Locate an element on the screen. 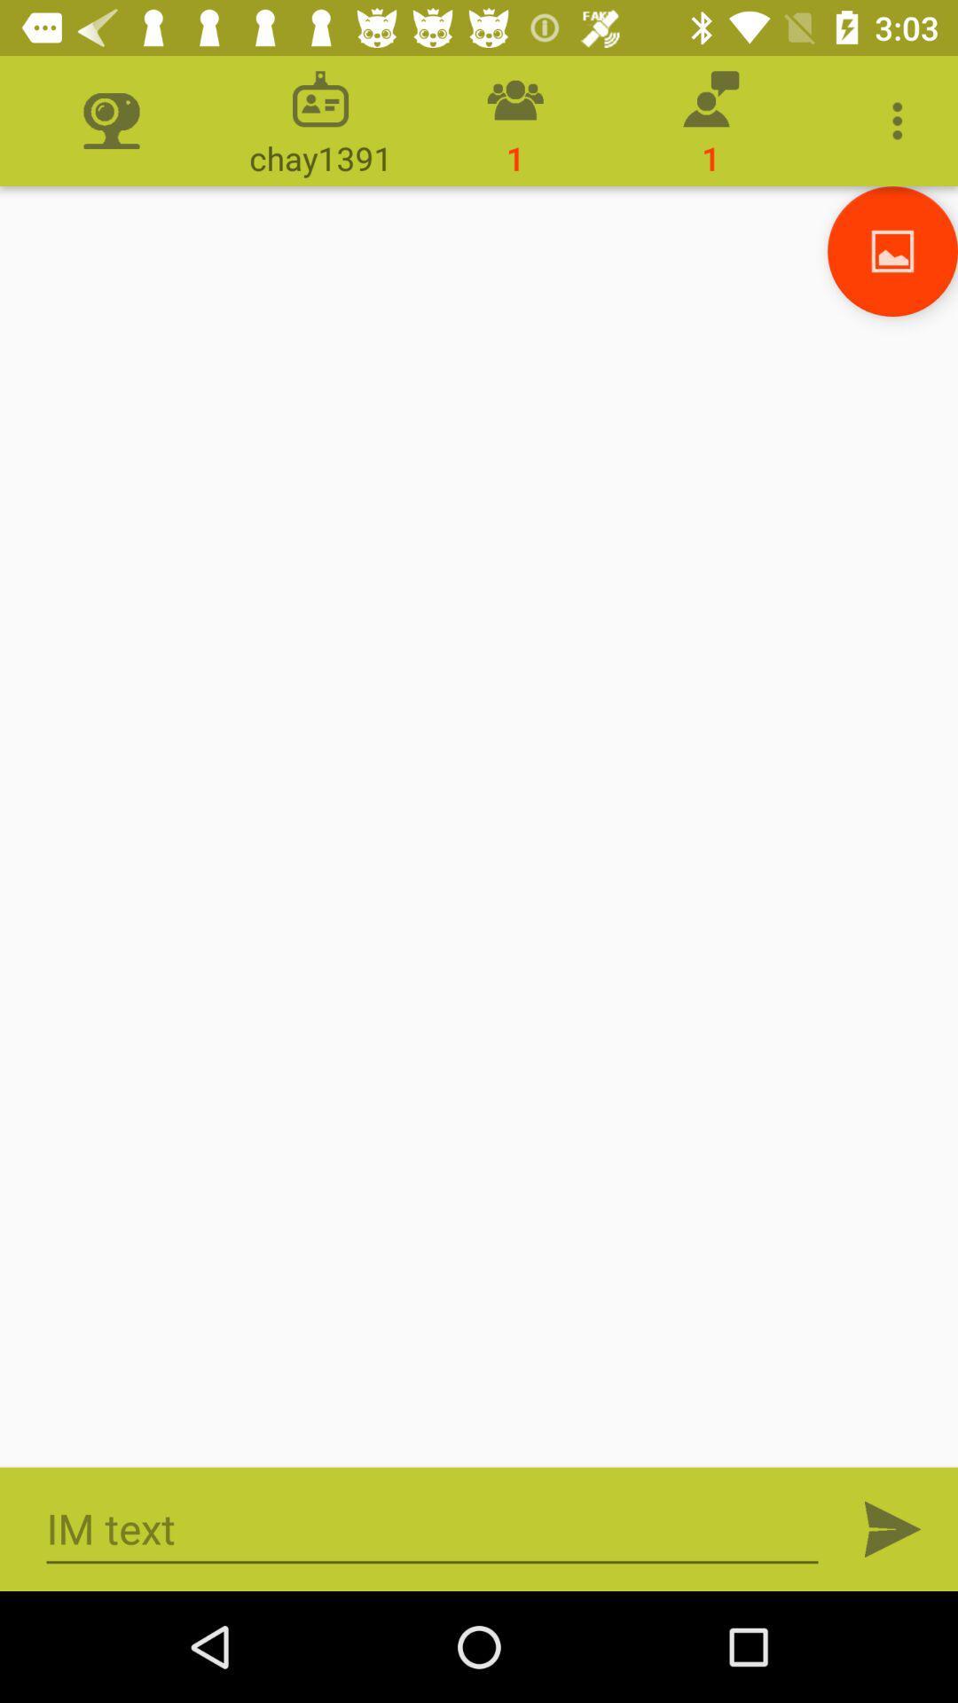 The height and width of the screenshot is (1703, 958). the wallpaper icon is located at coordinates (892, 250).